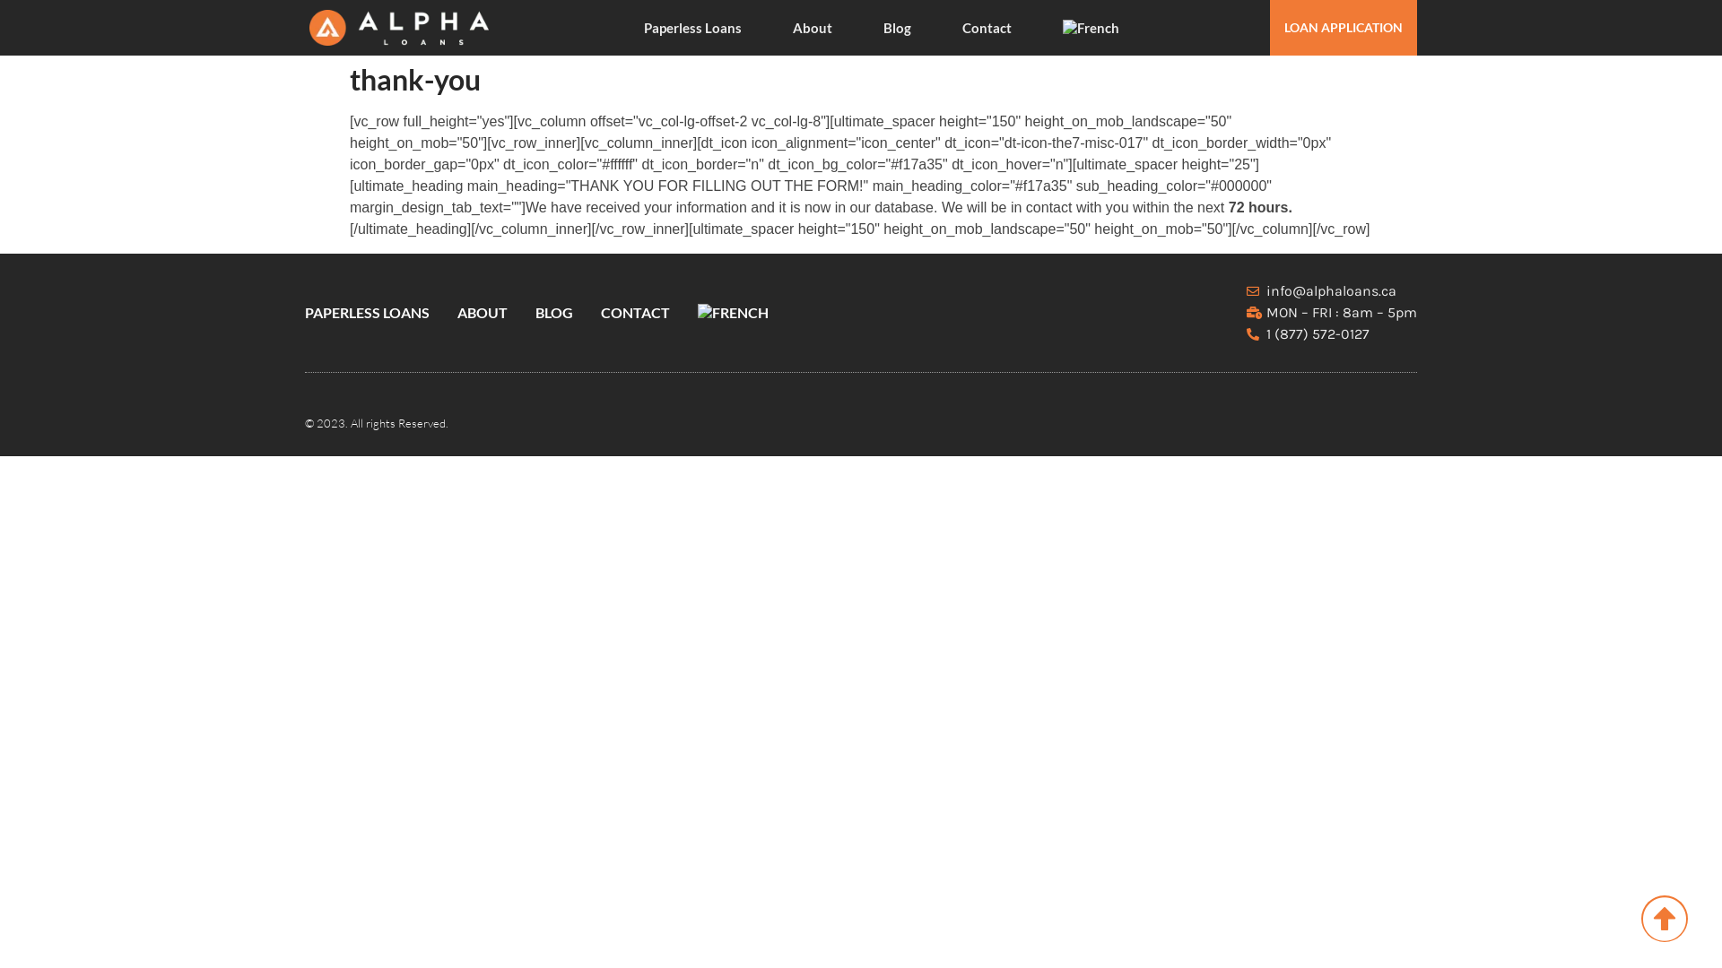 This screenshot has height=968, width=1722. I want to click on 'ABOUT', so click(482, 311).